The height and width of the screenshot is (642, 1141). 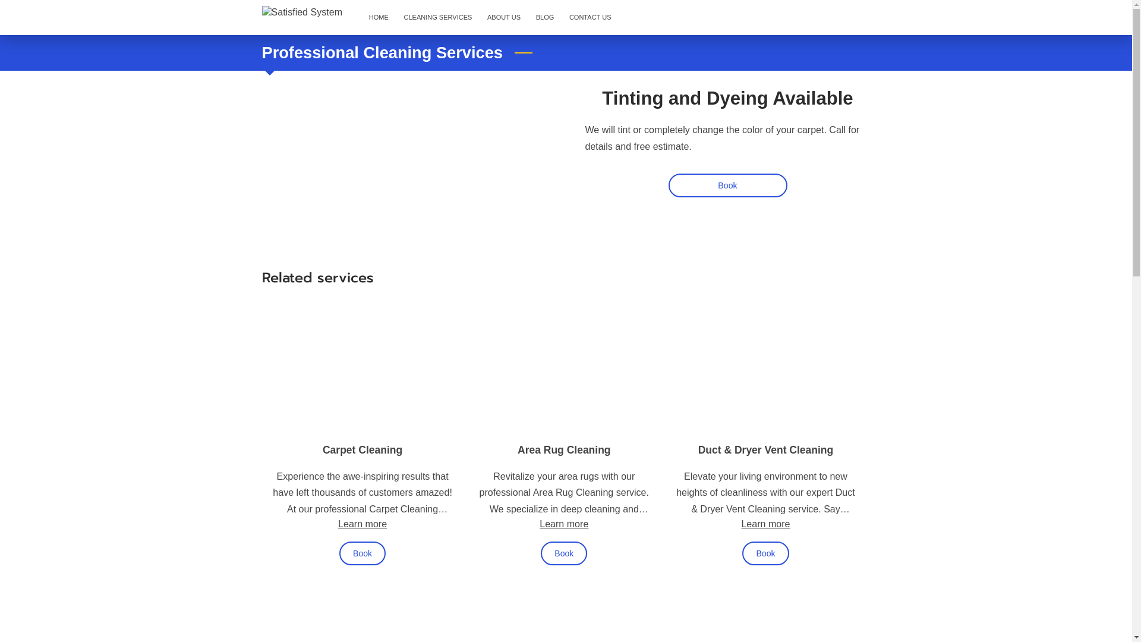 What do you see at coordinates (504, 18) in the screenshot?
I see `'ABOUT US'` at bounding box center [504, 18].